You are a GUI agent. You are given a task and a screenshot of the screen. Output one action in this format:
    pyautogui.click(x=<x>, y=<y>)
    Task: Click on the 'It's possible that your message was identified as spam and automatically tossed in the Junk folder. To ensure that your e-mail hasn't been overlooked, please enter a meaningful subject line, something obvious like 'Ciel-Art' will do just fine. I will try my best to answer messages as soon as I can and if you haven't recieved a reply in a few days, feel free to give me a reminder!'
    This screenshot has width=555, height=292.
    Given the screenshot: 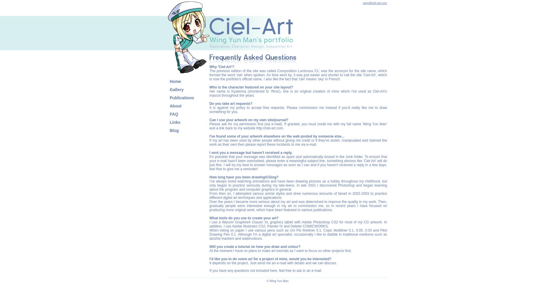 What is the action you would take?
    pyautogui.click(x=209, y=163)
    